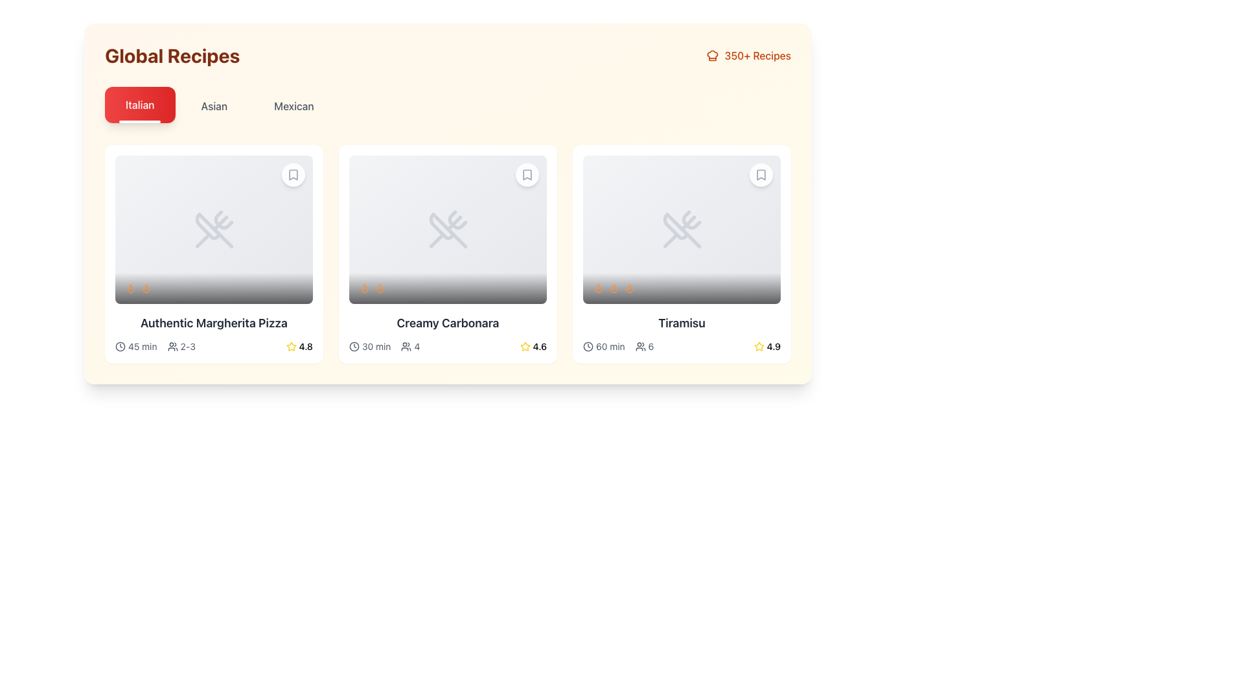  I want to click on the flame-shaped icon, which is the third in a series of four flame icons located beneath the 'Creamy Carbonara' section in the second recipe card, so click(379, 286).